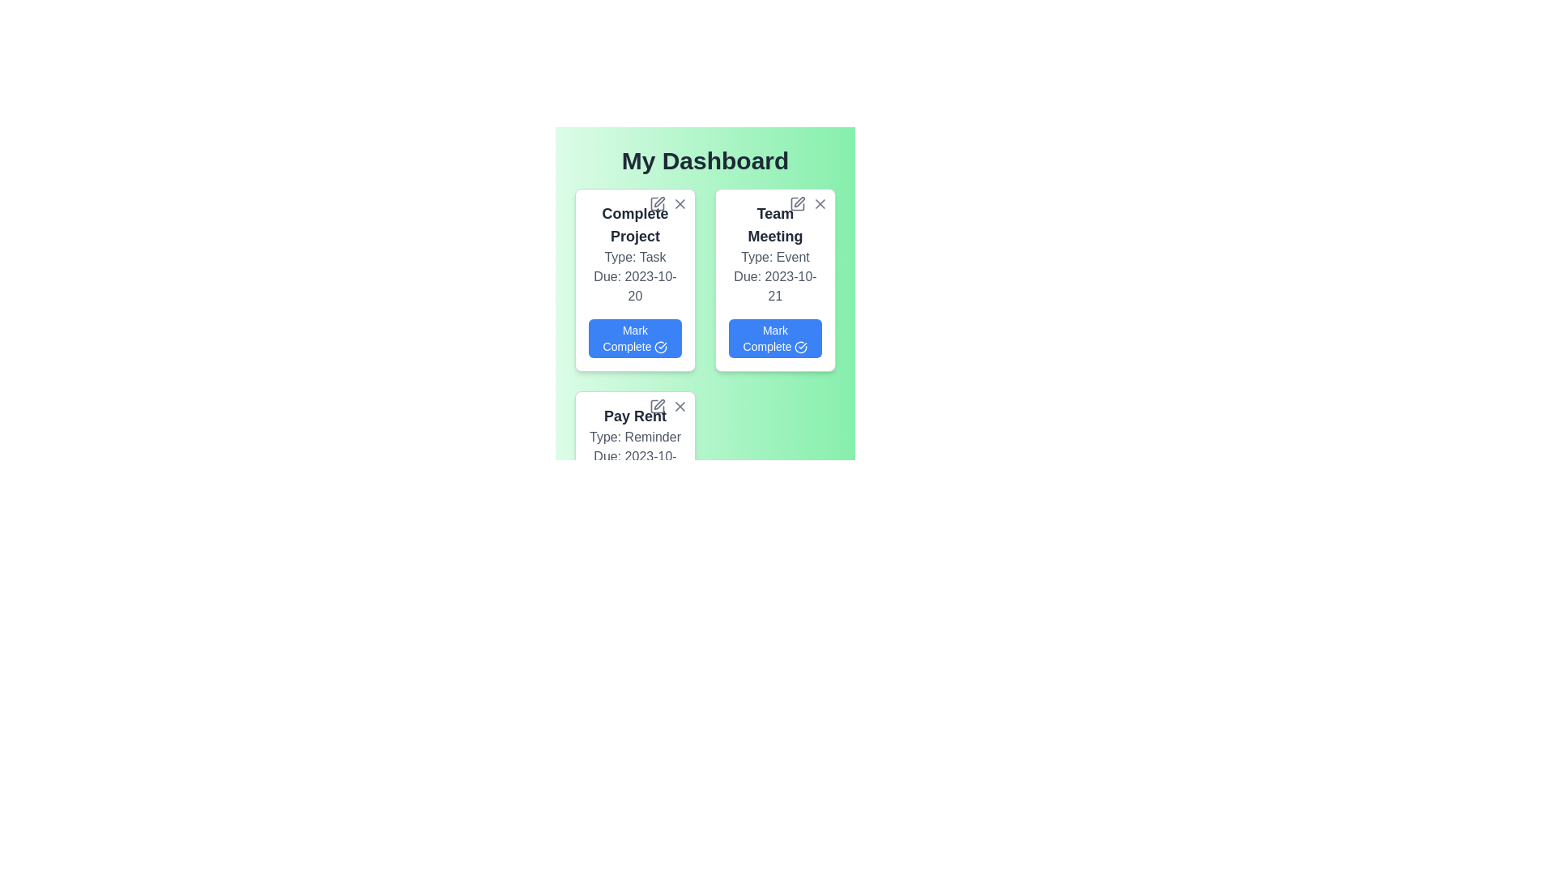  Describe the element at coordinates (634, 337) in the screenshot. I see `the 'Complete Project' button located at the bottom of the first card in the grid` at that location.